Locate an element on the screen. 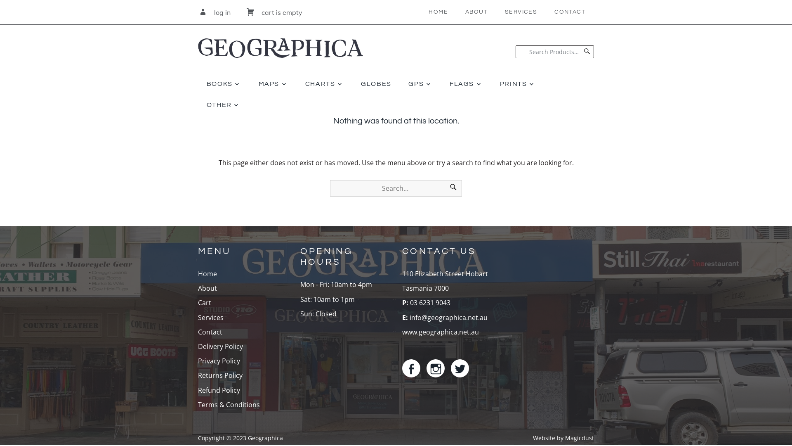  'Privacy Policy' is located at coordinates (198, 361).